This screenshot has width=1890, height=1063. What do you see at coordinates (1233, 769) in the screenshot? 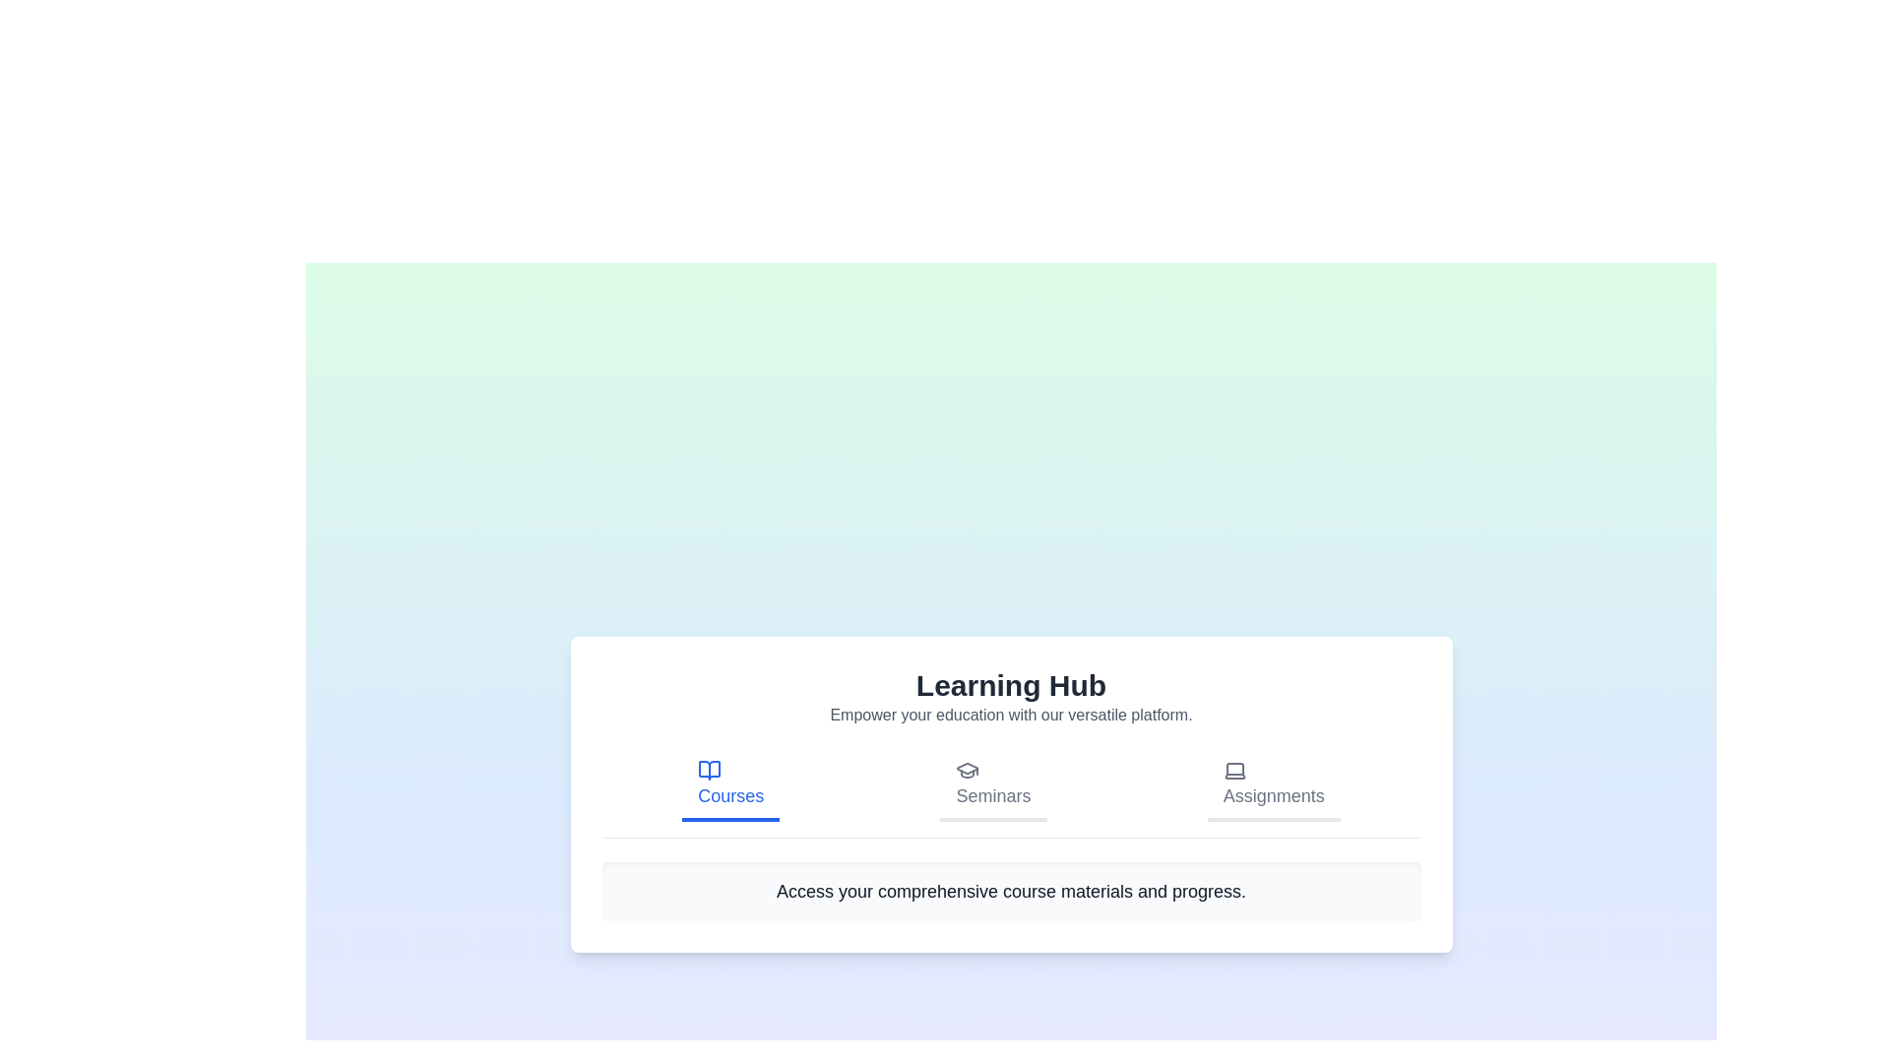
I see `the purpose of the 'Assignments' section` at bounding box center [1233, 769].